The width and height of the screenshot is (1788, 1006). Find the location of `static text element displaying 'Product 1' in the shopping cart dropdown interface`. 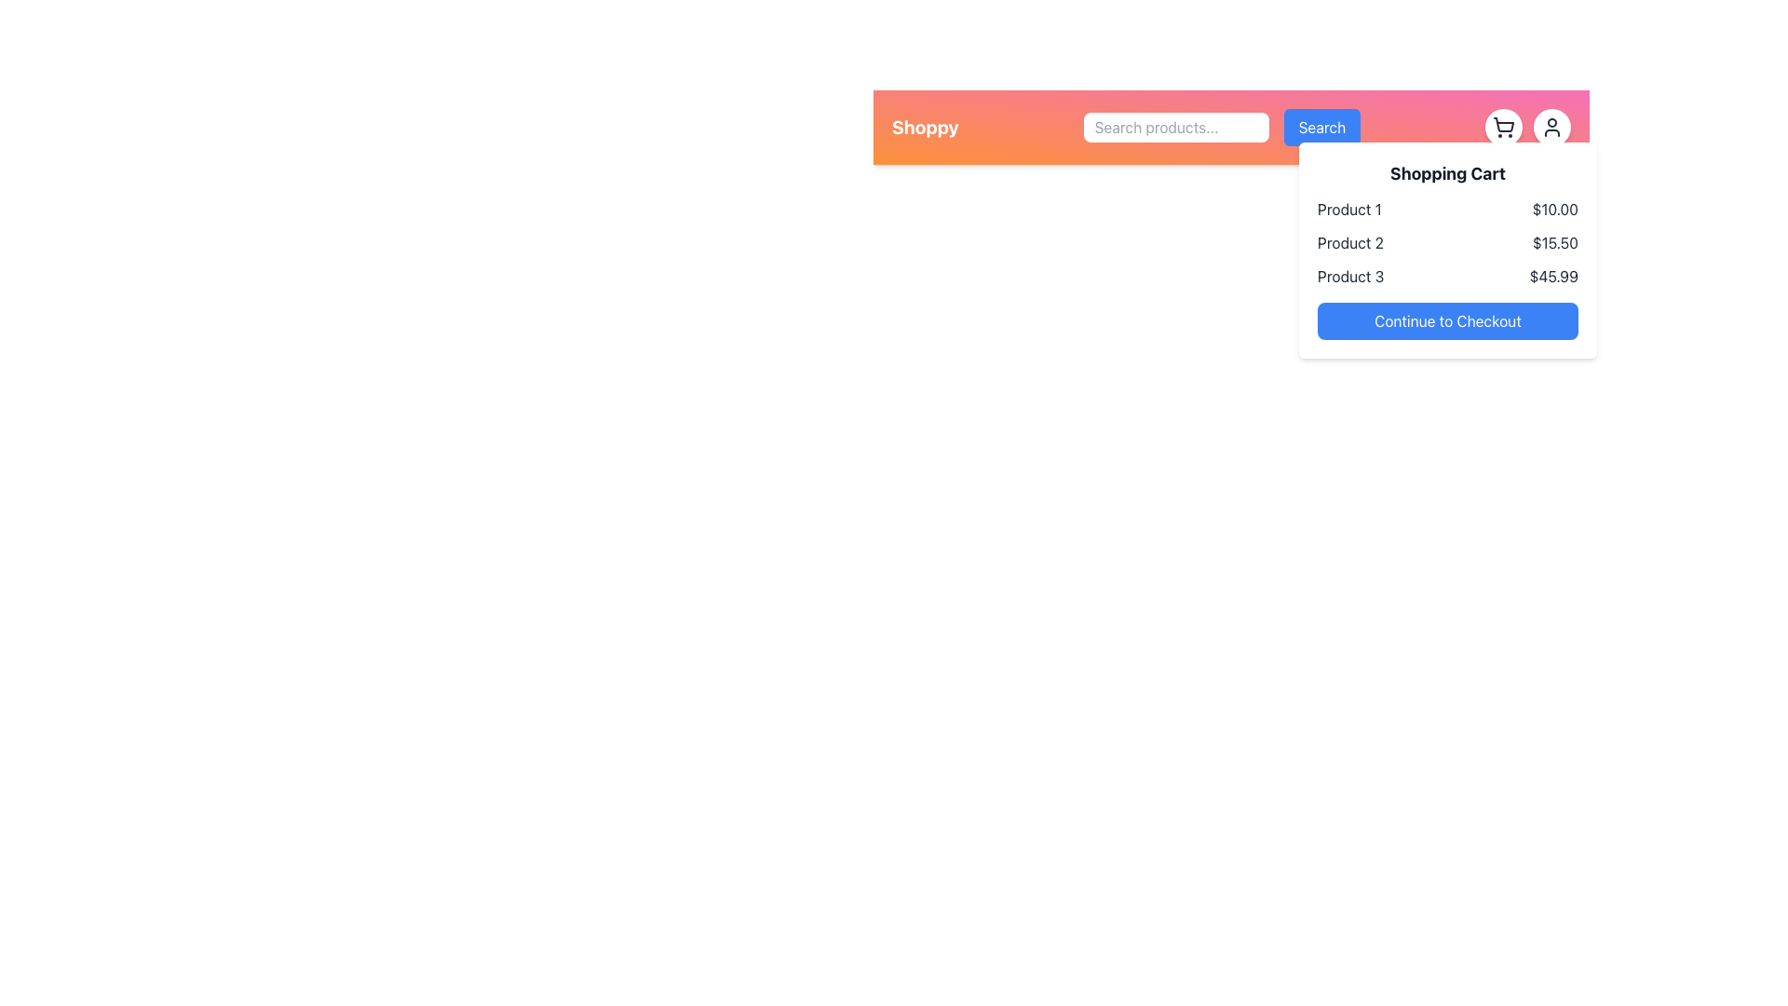

static text element displaying 'Product 1' in the shopping cart dropdown interface is located at coordinates (1349, 209).